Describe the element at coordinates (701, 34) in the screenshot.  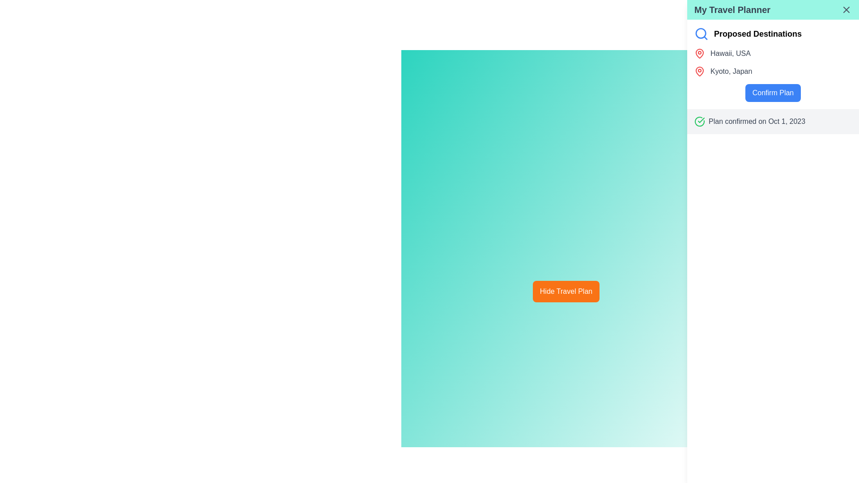
I see `the blue magnifying glass icon located to the left of the 'Proposed Destinations' text to trigger the tooltip or focus effect` at that location.